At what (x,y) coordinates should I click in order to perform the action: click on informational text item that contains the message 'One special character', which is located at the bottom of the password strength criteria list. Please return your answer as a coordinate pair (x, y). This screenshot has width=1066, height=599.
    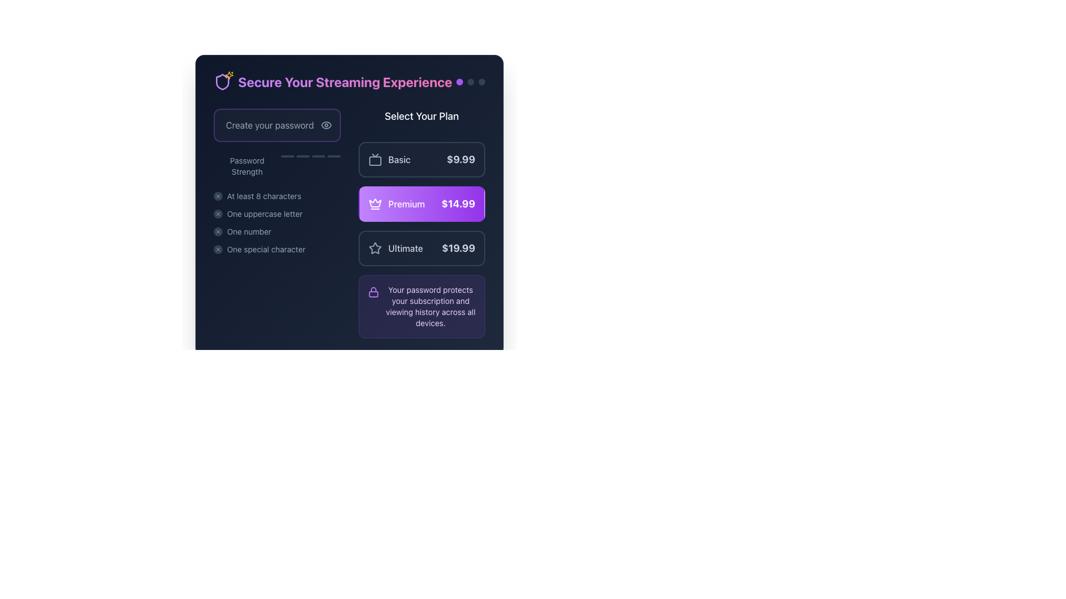
    Looking at the image, I should click on (277, 250).